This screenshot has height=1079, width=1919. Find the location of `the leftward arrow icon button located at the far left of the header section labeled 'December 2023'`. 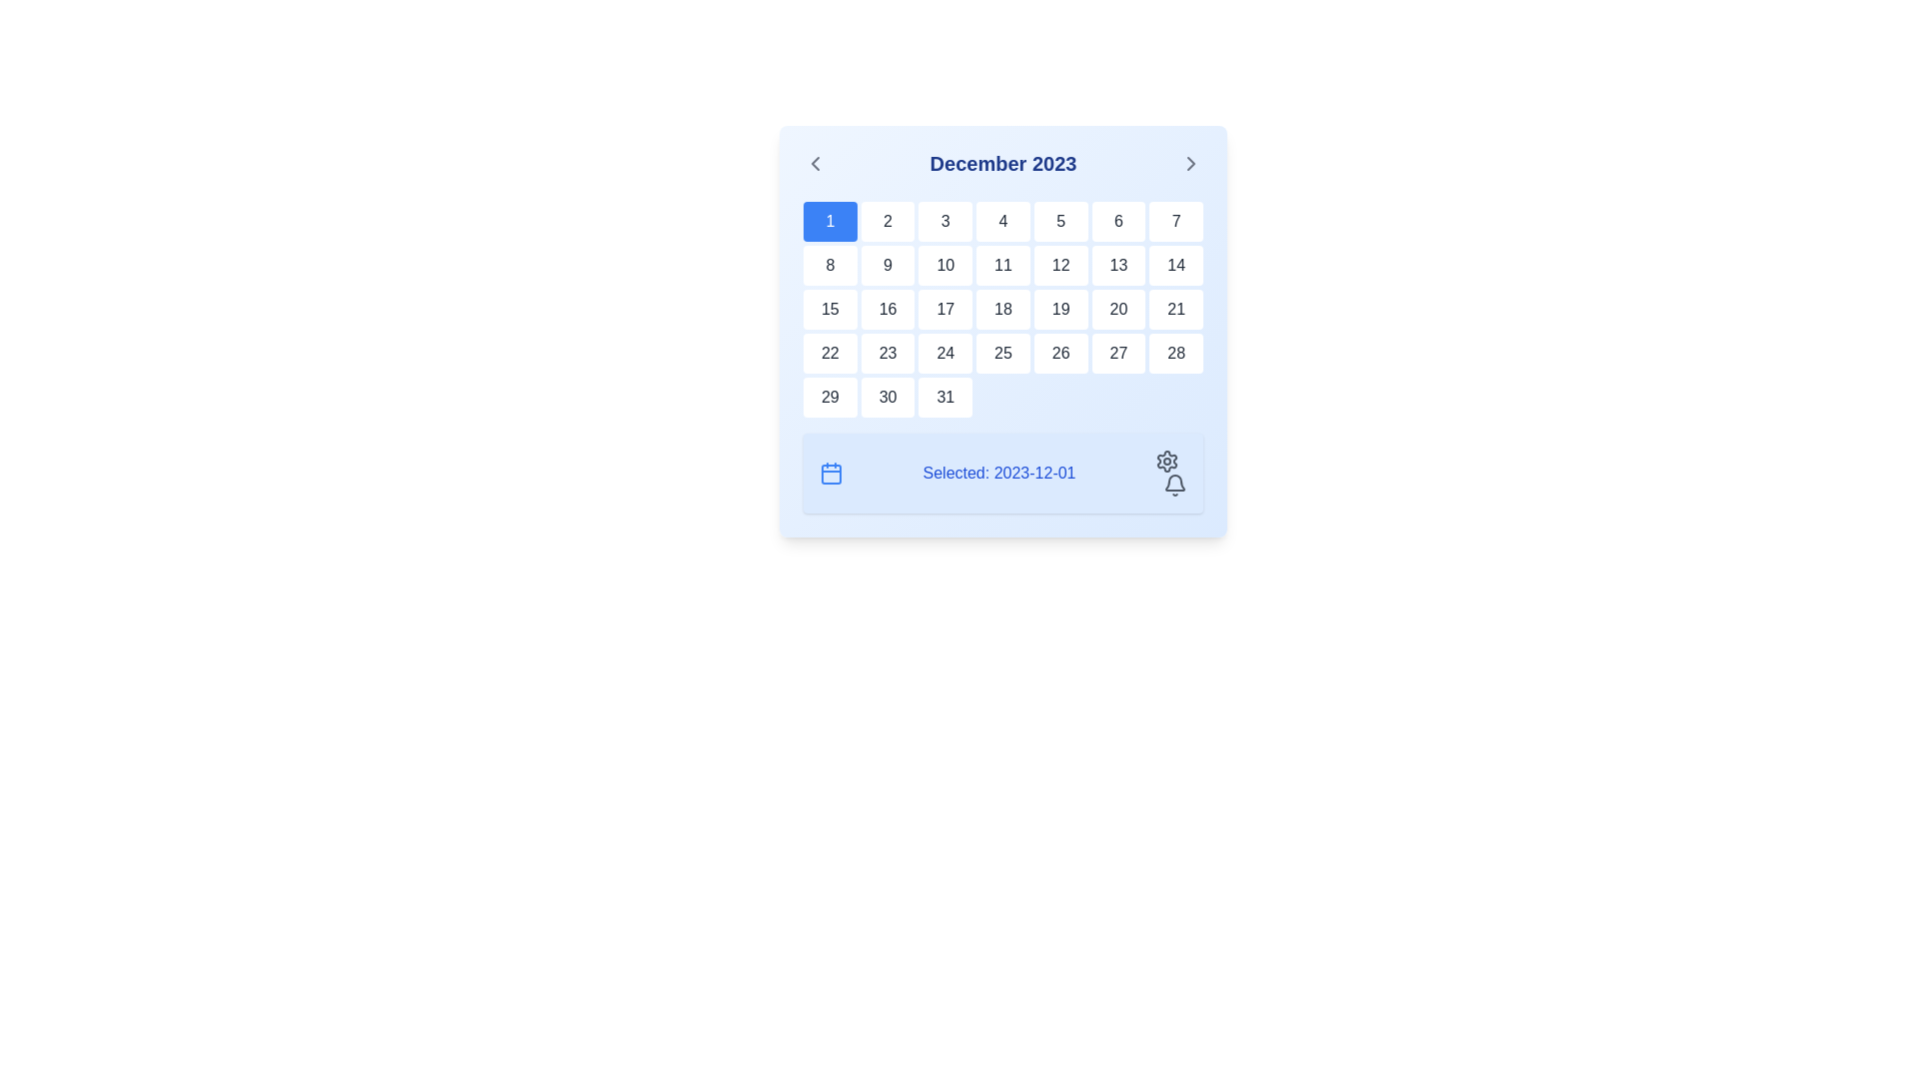

the leftward arrow icon button located at the far left of the header section labeled 'December 2023' is located at coordinates (816, 163).